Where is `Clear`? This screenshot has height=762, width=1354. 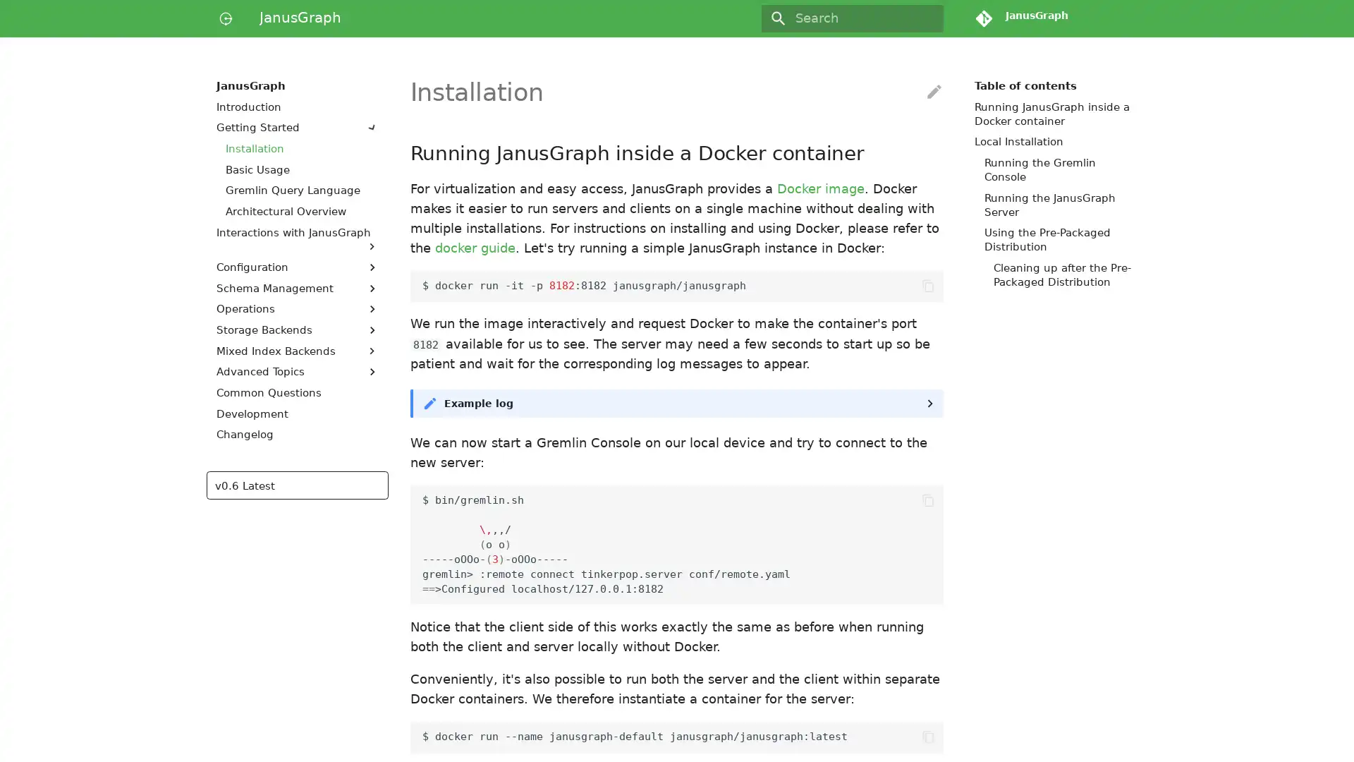 Clear is located at coordinates (927, 18).